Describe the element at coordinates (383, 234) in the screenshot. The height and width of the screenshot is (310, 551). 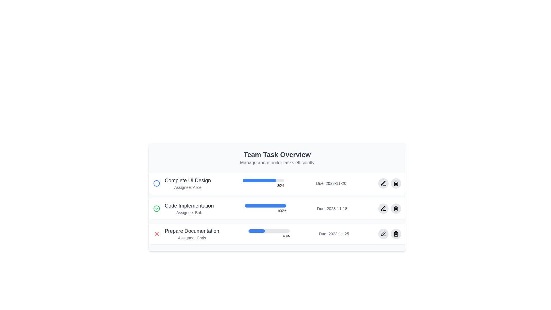
I see `the button with an icon located in the bottom-right corner of the 'Prepare Documentation' card` at that location.